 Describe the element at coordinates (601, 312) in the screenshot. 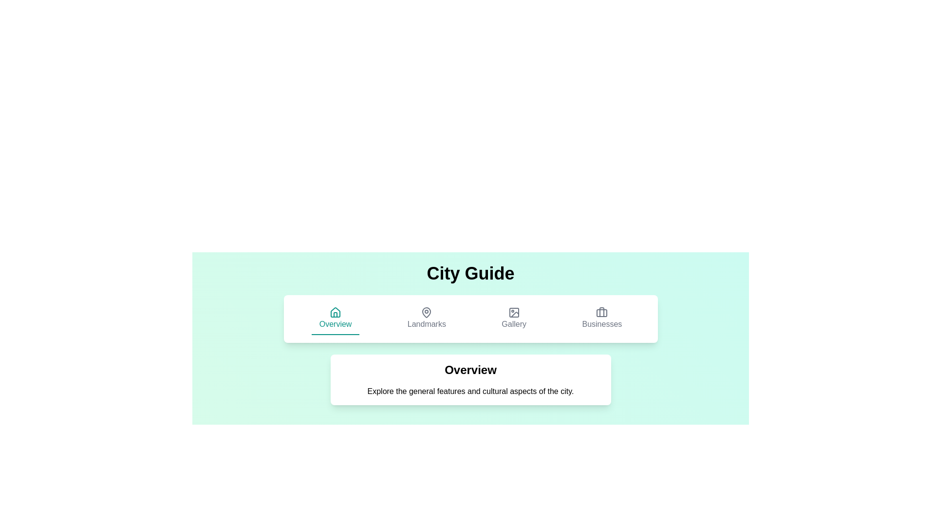

I see `the briefcase icon with a gray outline located in the navigation bar above the 'Businesses' text label` at that location.